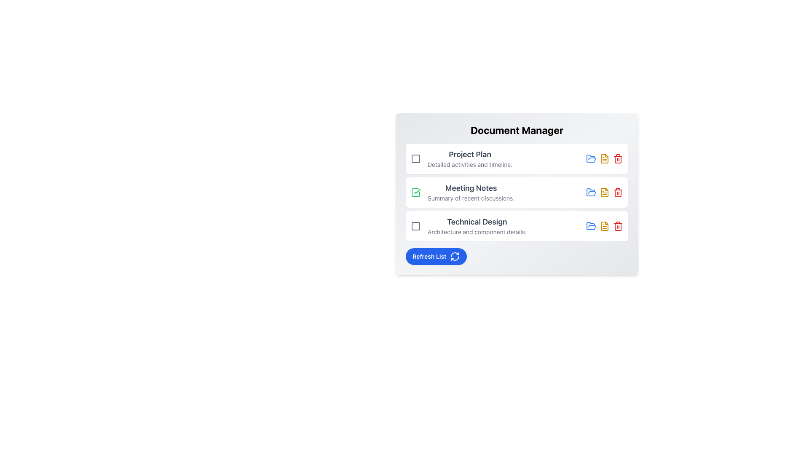  I want to click on the circular refresh icon located next to the 'Refresh List' text within the blue rounded button at the bottom center of the card interface, so click(454, 256).